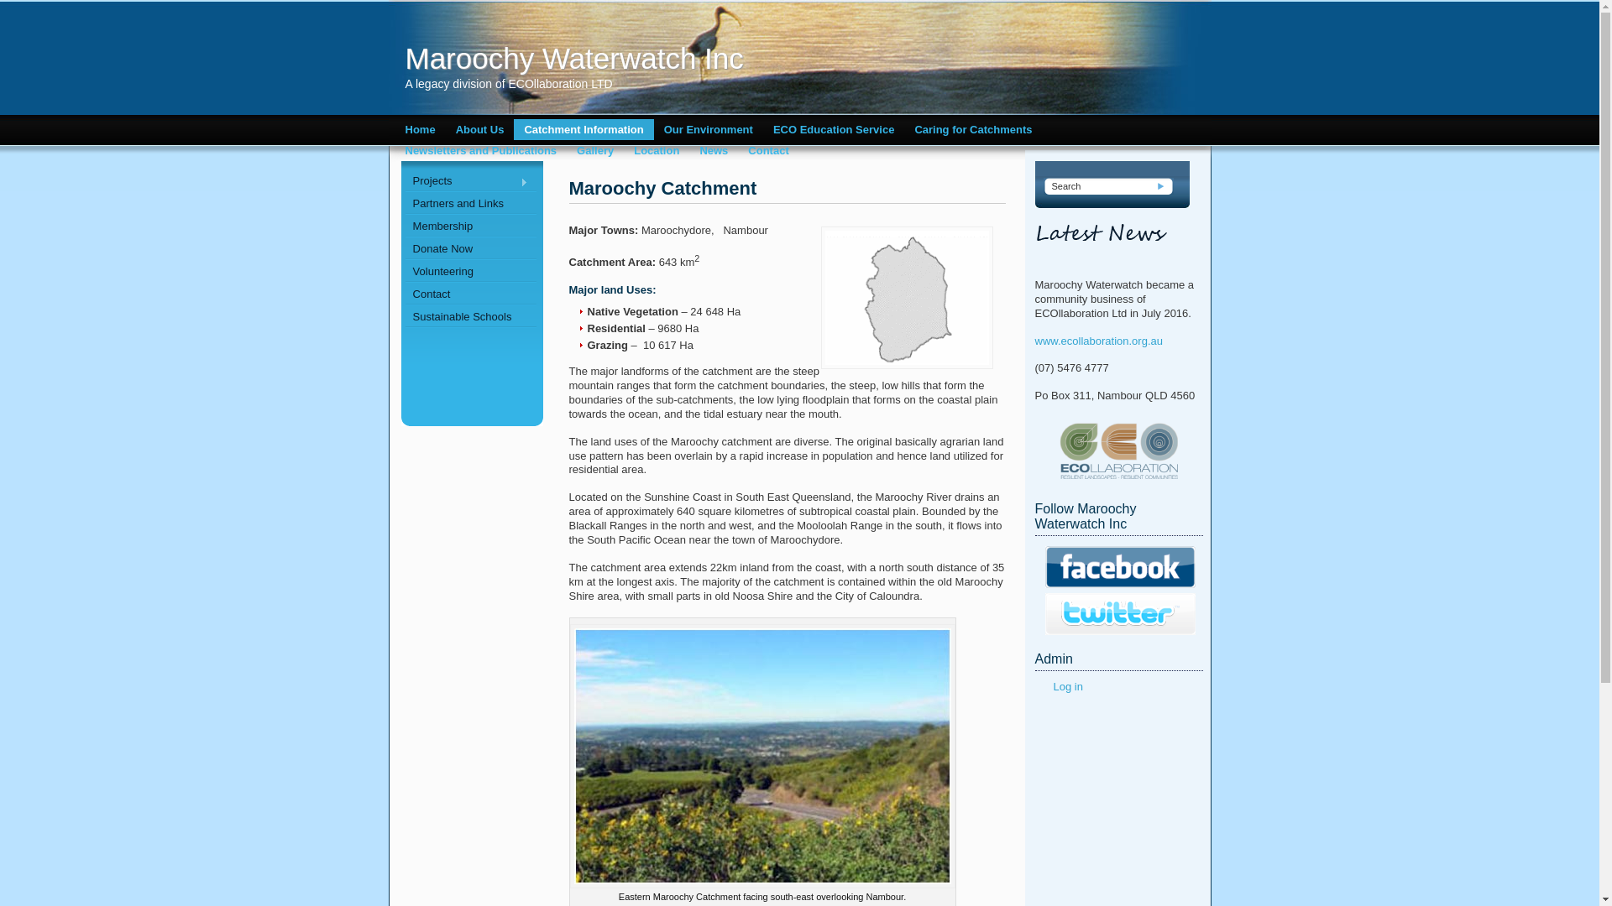 The width and height of the screenshot is (1612, 906). I want to click on 'Contact', so click(767, 149).